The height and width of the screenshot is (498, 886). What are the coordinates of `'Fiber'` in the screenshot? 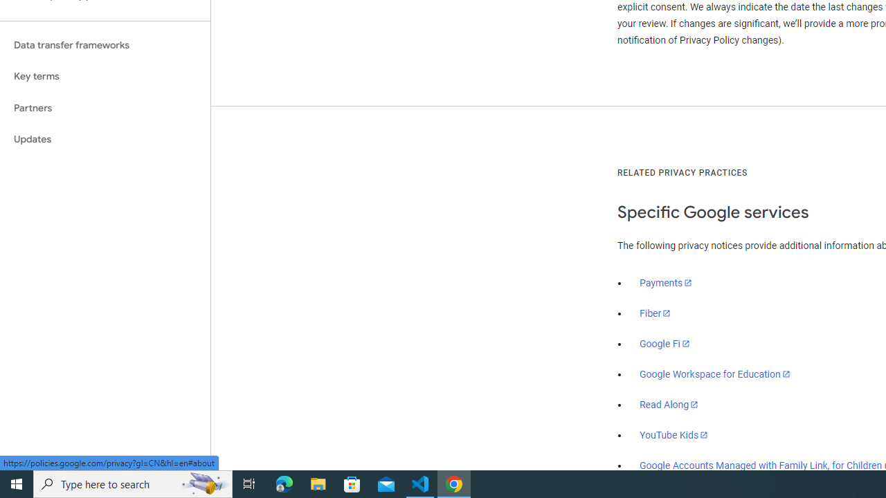 It's located at (655, 313).